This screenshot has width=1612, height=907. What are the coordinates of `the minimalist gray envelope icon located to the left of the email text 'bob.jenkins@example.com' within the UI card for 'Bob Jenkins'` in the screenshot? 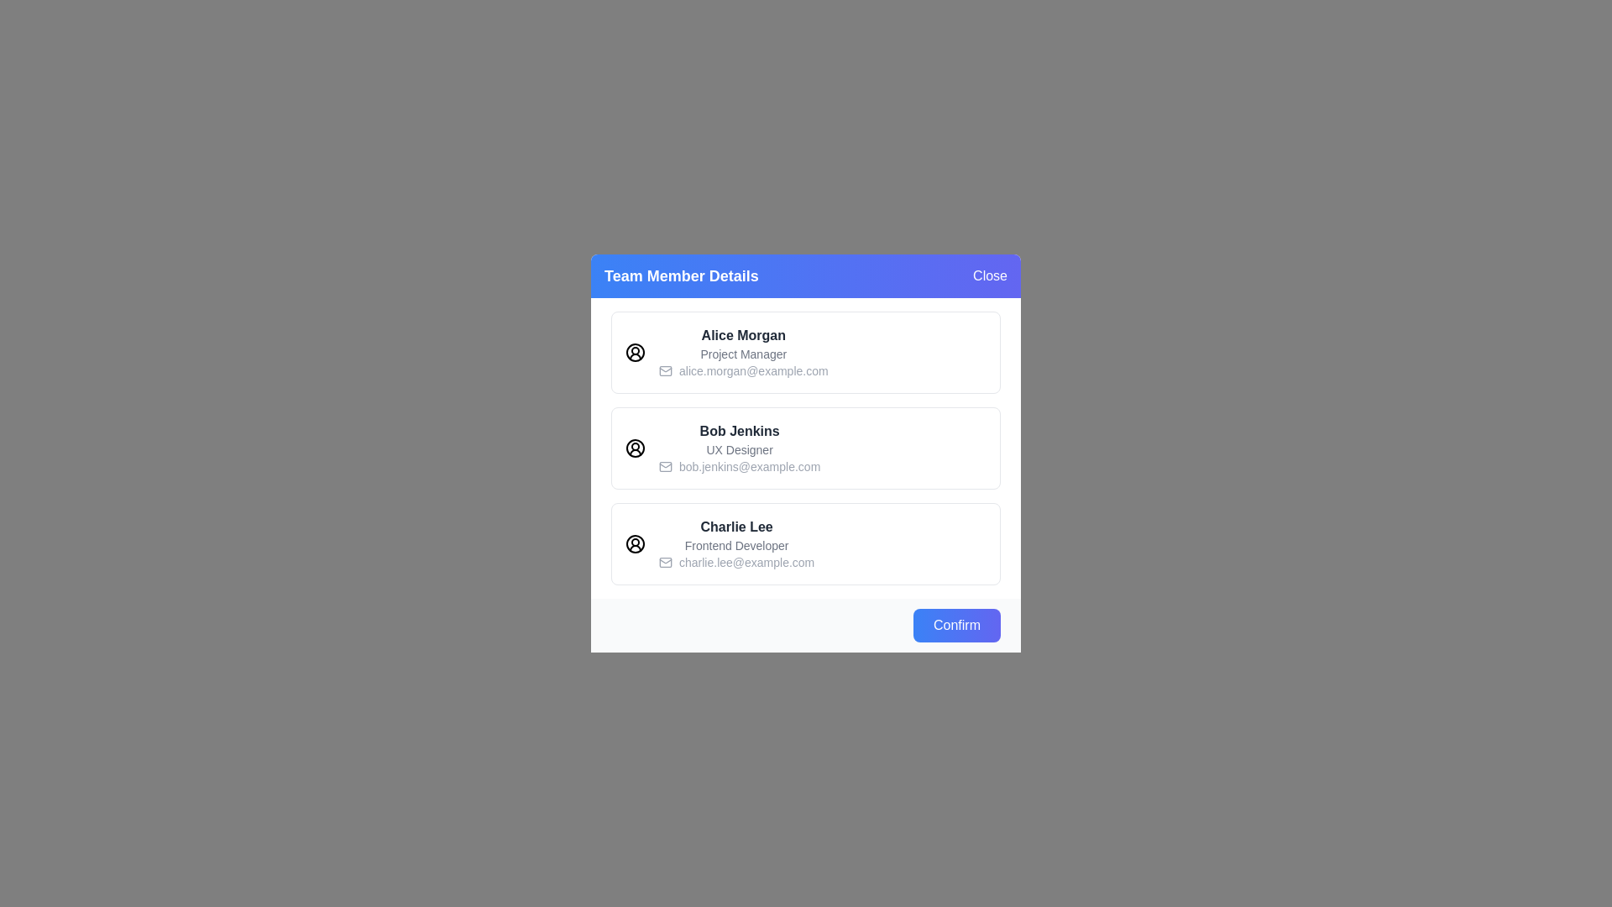 It's located at (664, 466).